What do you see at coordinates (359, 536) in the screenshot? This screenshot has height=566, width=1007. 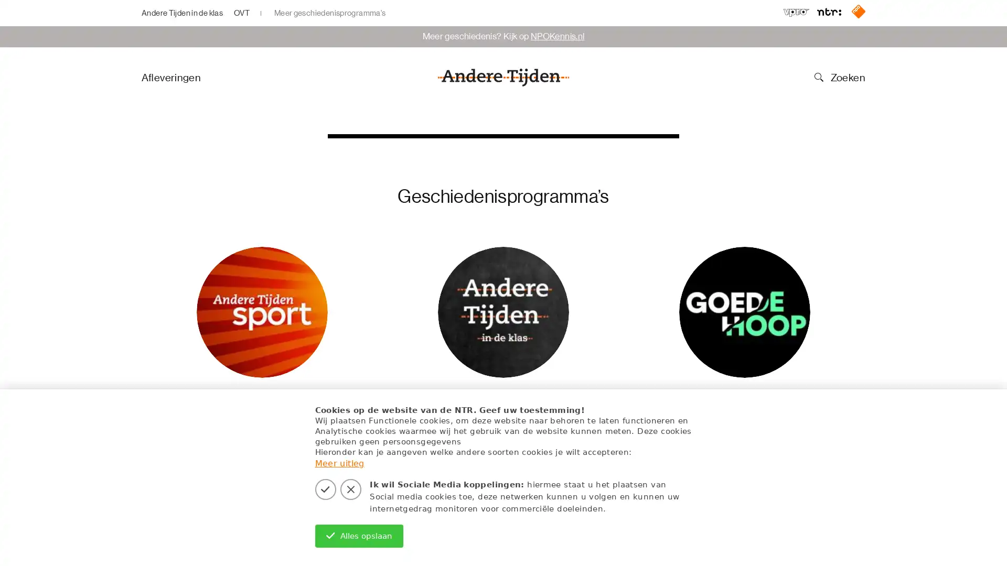 I see `Alles opslaan` at bounding box center [359, 536].